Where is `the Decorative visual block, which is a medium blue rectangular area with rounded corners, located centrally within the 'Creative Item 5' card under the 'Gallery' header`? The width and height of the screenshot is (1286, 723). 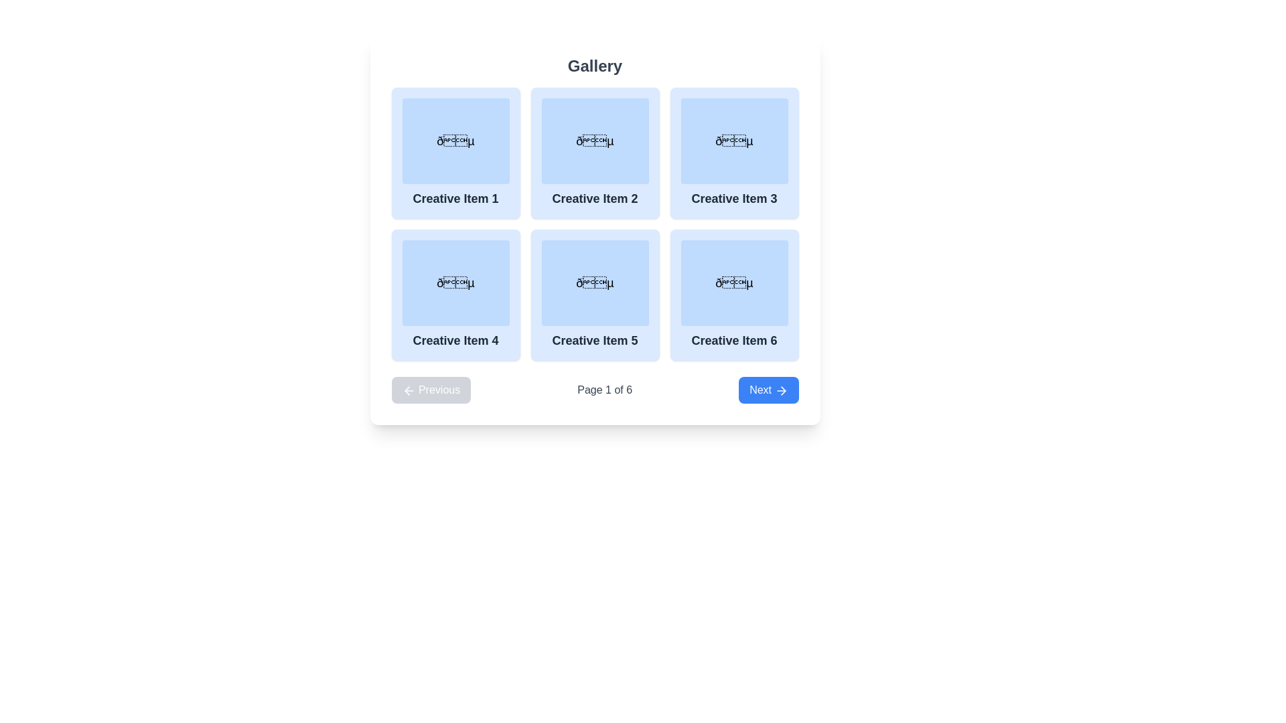 the Decorative visual block, which is a medium blue rectangular area with rounded corners, located centrally within the 'Creative Item 5' card under the 'Gallery' header is located at coordinates (594, 283).